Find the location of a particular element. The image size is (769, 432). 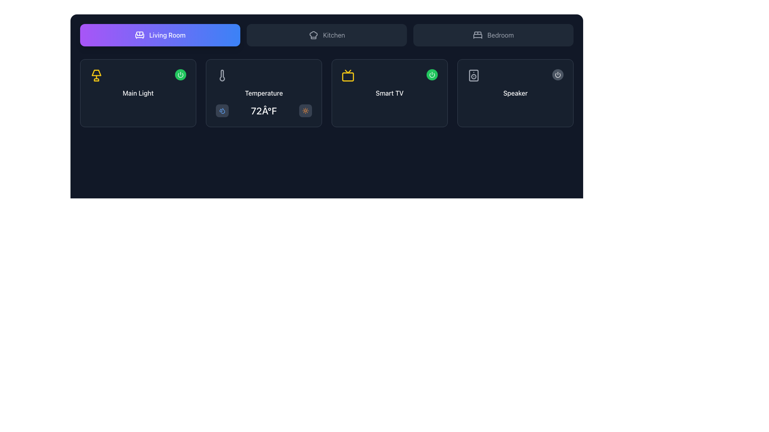

the gray thermometer icon located at the top-left section of the 'Temperature' card, which is styled in minimalistic line-art fashion is located at coordinates (222, 76).